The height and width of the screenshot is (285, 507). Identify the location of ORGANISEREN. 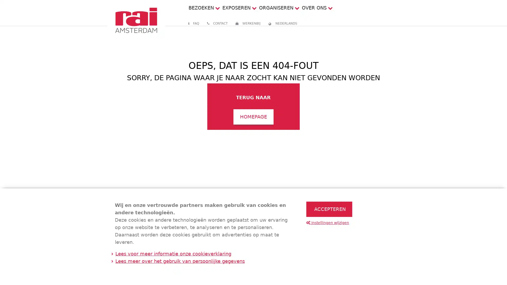
(276, 8).